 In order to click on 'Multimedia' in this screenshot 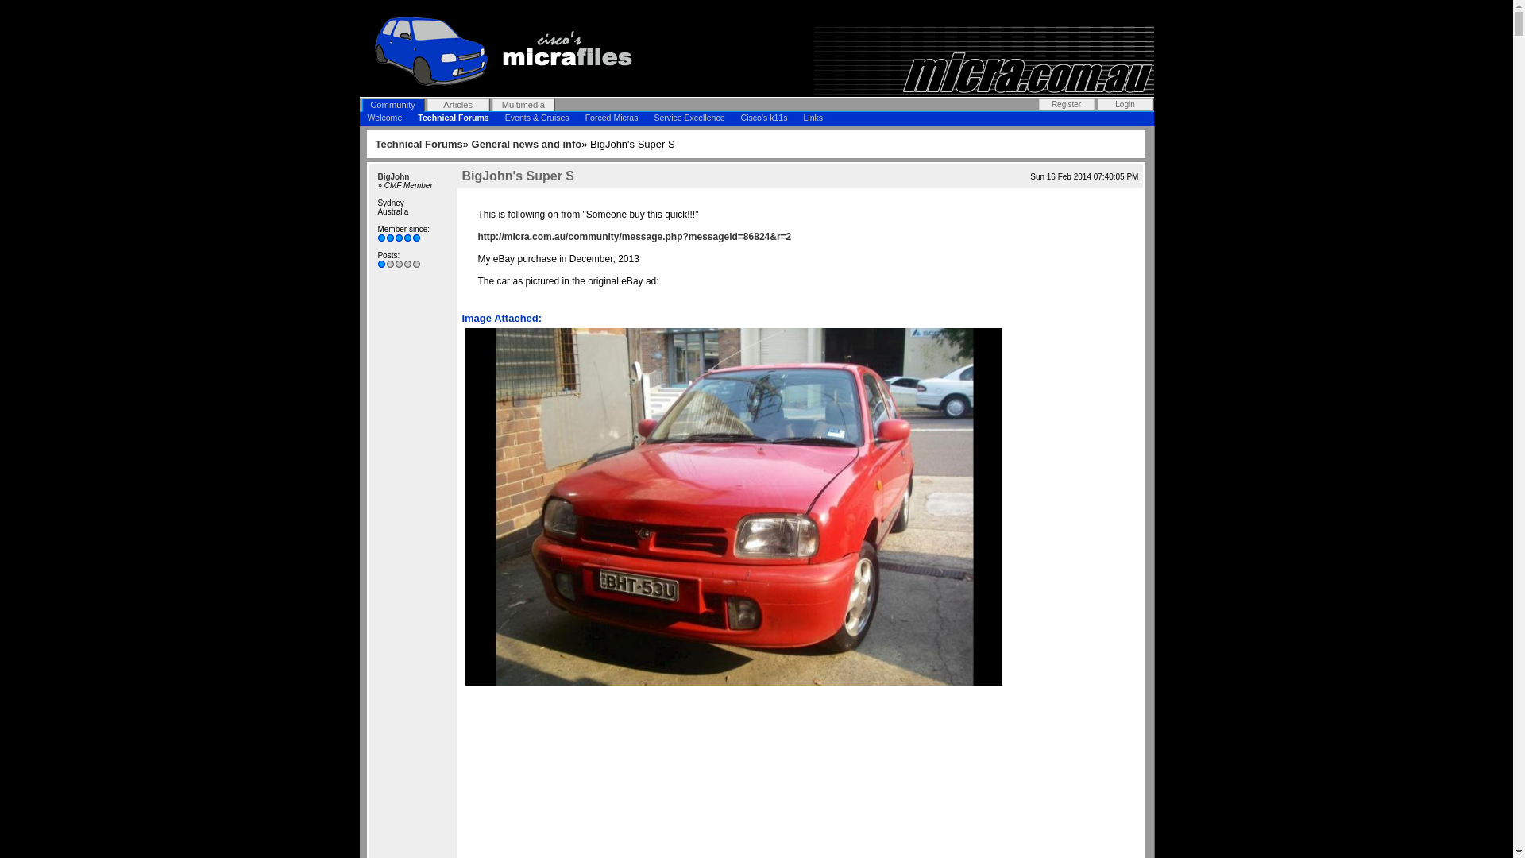, I will do `click(491, 104)`.